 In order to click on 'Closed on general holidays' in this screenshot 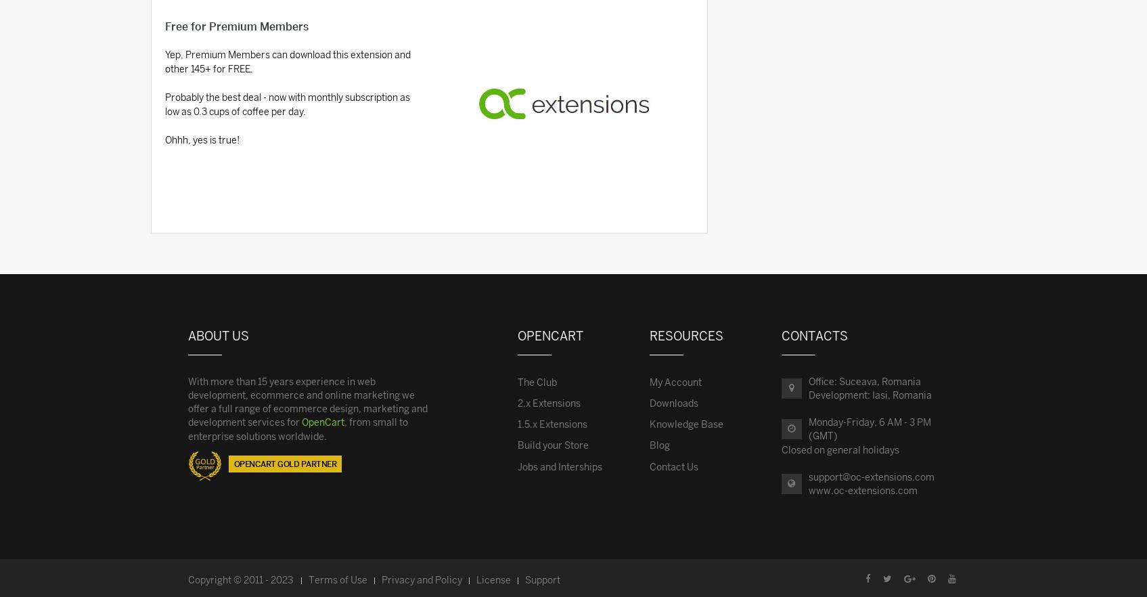, I will do `click(839, 449)`.